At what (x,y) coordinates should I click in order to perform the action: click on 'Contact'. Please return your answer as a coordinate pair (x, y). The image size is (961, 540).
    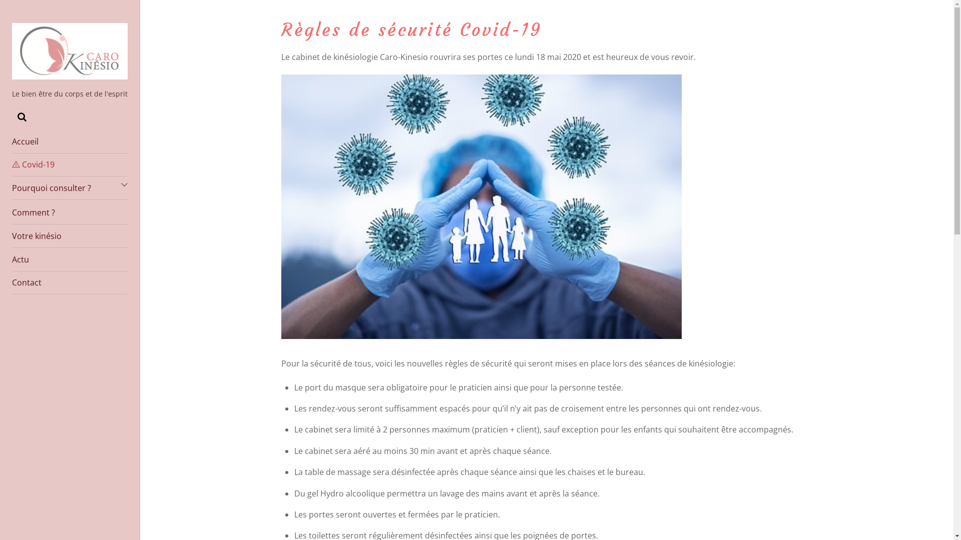
    Looking at the image, I should click on (69, 283).